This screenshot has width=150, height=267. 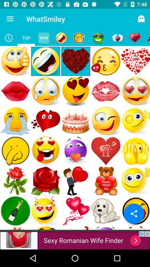 What do you see at coordinates (43, 38) in the screenshot?
I see `new emojis` at bounding box center [43, 38].